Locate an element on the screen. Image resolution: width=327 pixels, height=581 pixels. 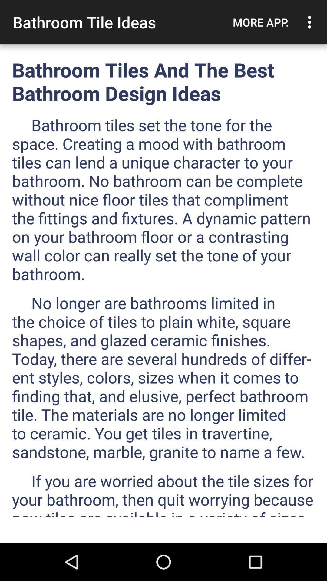
the item above bathroom tiles and app is located at coordinates (260, 22).